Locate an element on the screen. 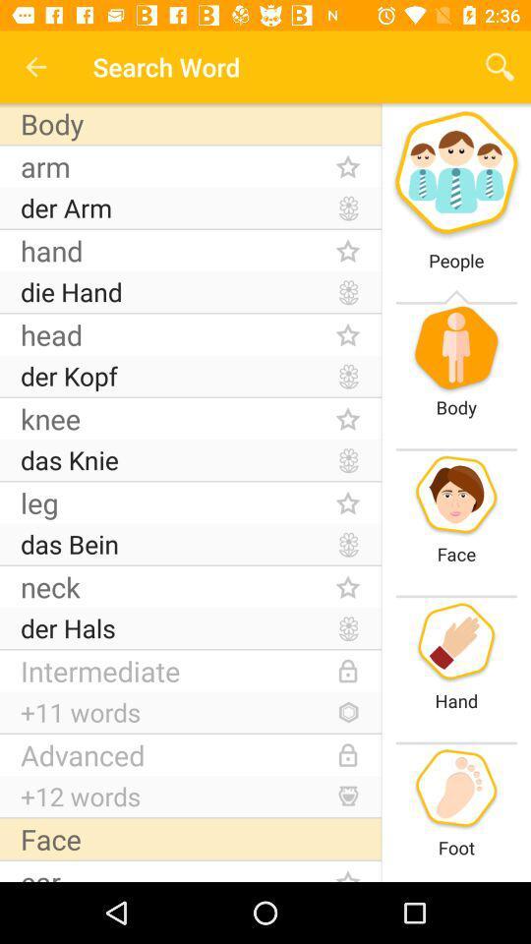 The width and height of the screenshot is (531, 944). the icon next to the search word is located at coordinates (35, 67).